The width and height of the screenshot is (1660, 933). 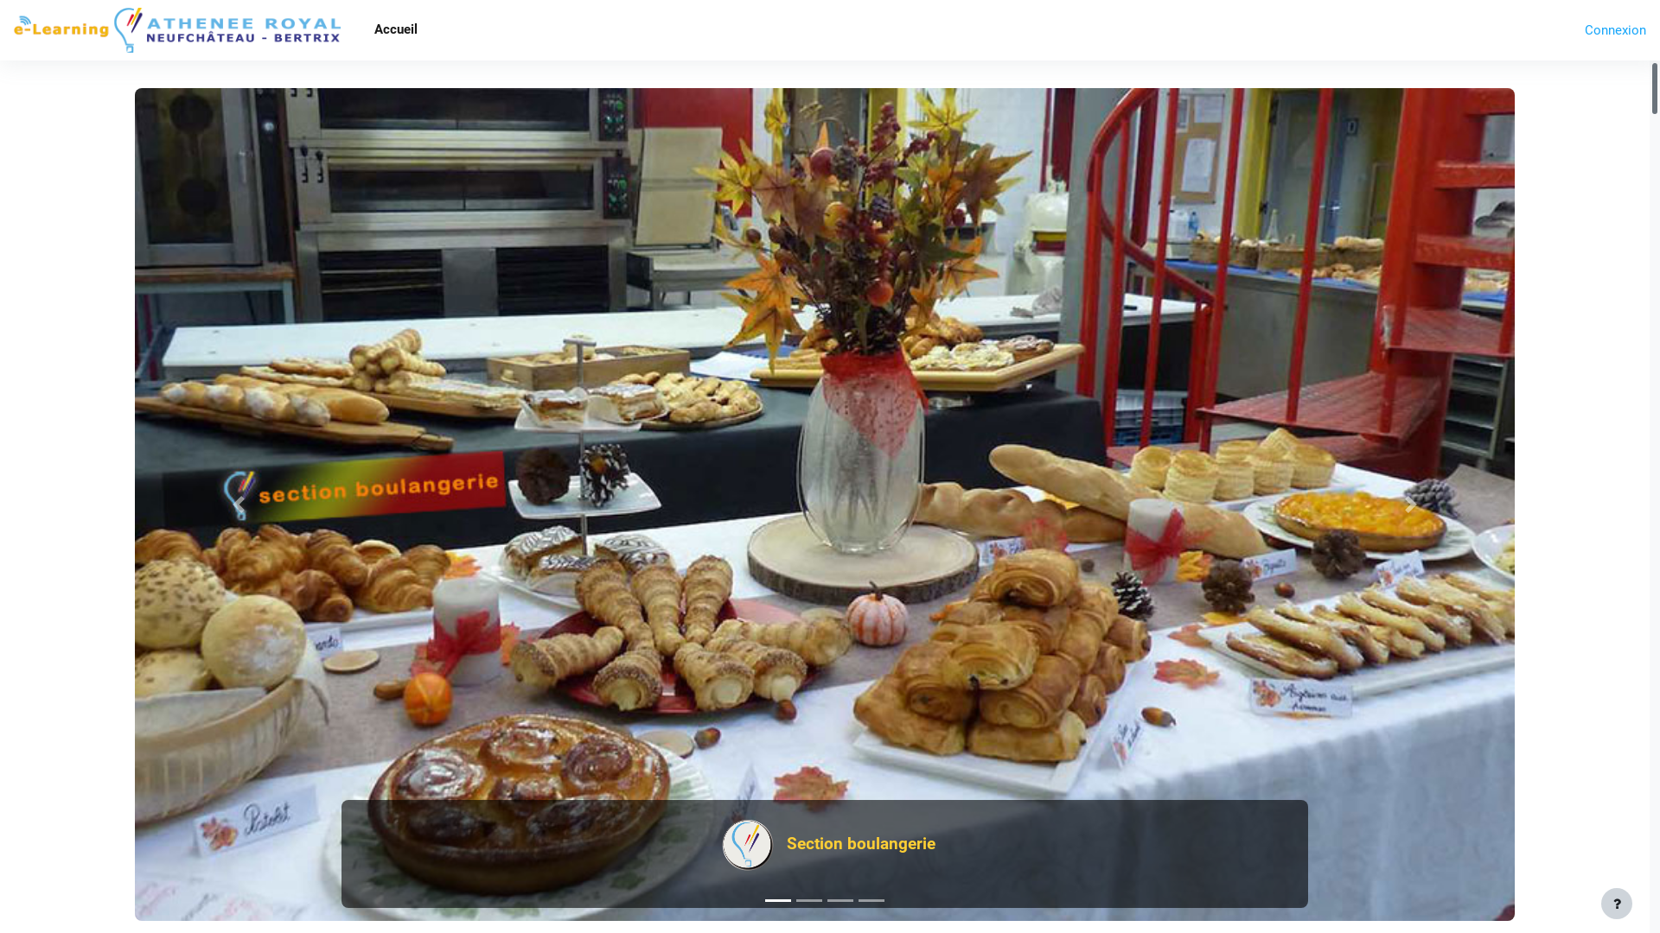 What do you see at coordinates (1614, 30) in the screenshot?
I see `'Connexion'` at bounding box center [1614, 30].